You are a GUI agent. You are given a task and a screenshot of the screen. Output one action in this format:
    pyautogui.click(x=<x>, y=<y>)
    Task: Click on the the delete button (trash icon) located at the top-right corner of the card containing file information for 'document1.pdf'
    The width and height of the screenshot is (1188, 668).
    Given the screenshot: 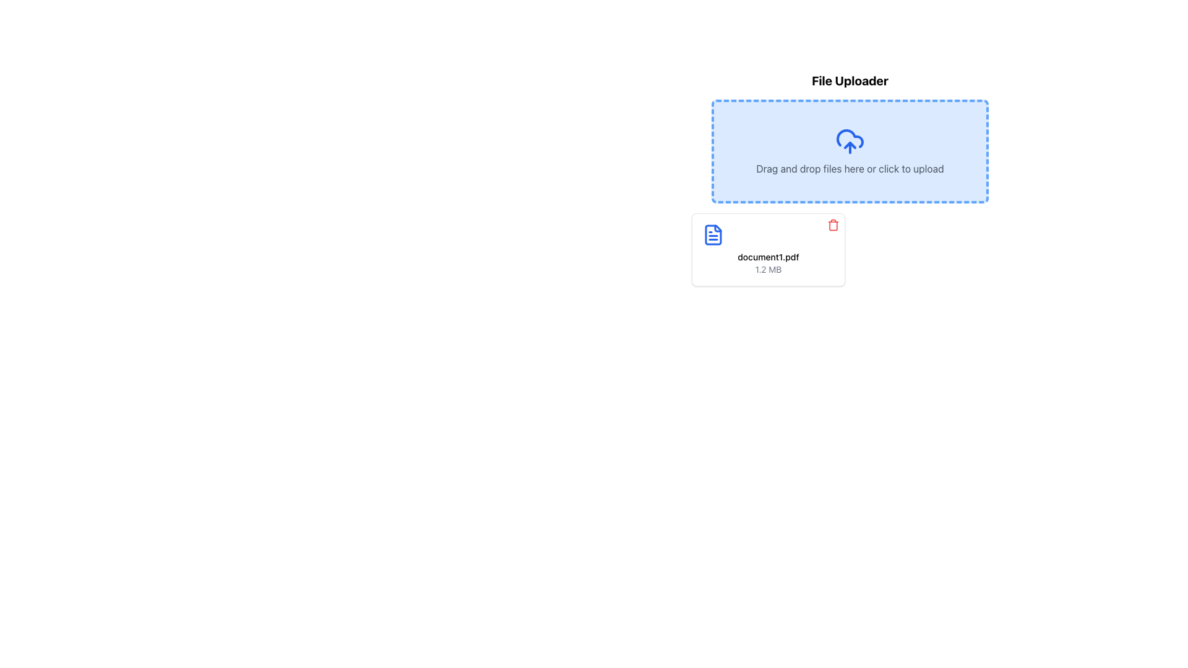 What is the action you would take?
    pyautogui.click(x=833, y=225)
    